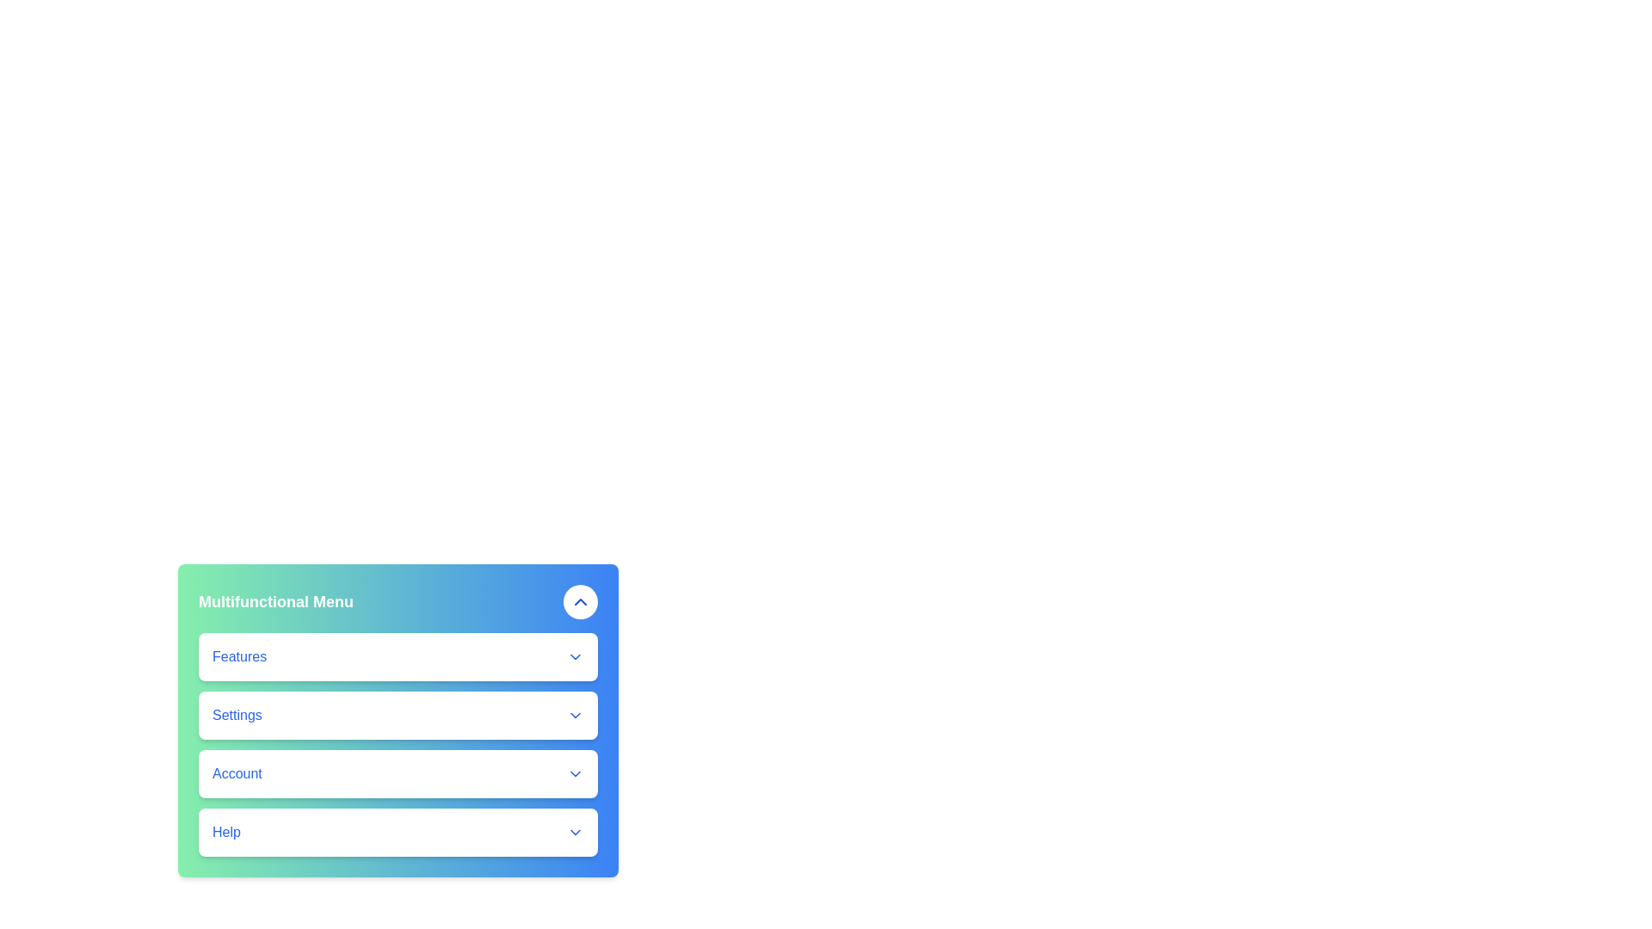  What do you see at coordinates (236, 716) in the screenshot?
I see `the Text label that serves as an identifier for the settings section, positioned between 'Features' and 'Account'` at bounding box center [236, 716].